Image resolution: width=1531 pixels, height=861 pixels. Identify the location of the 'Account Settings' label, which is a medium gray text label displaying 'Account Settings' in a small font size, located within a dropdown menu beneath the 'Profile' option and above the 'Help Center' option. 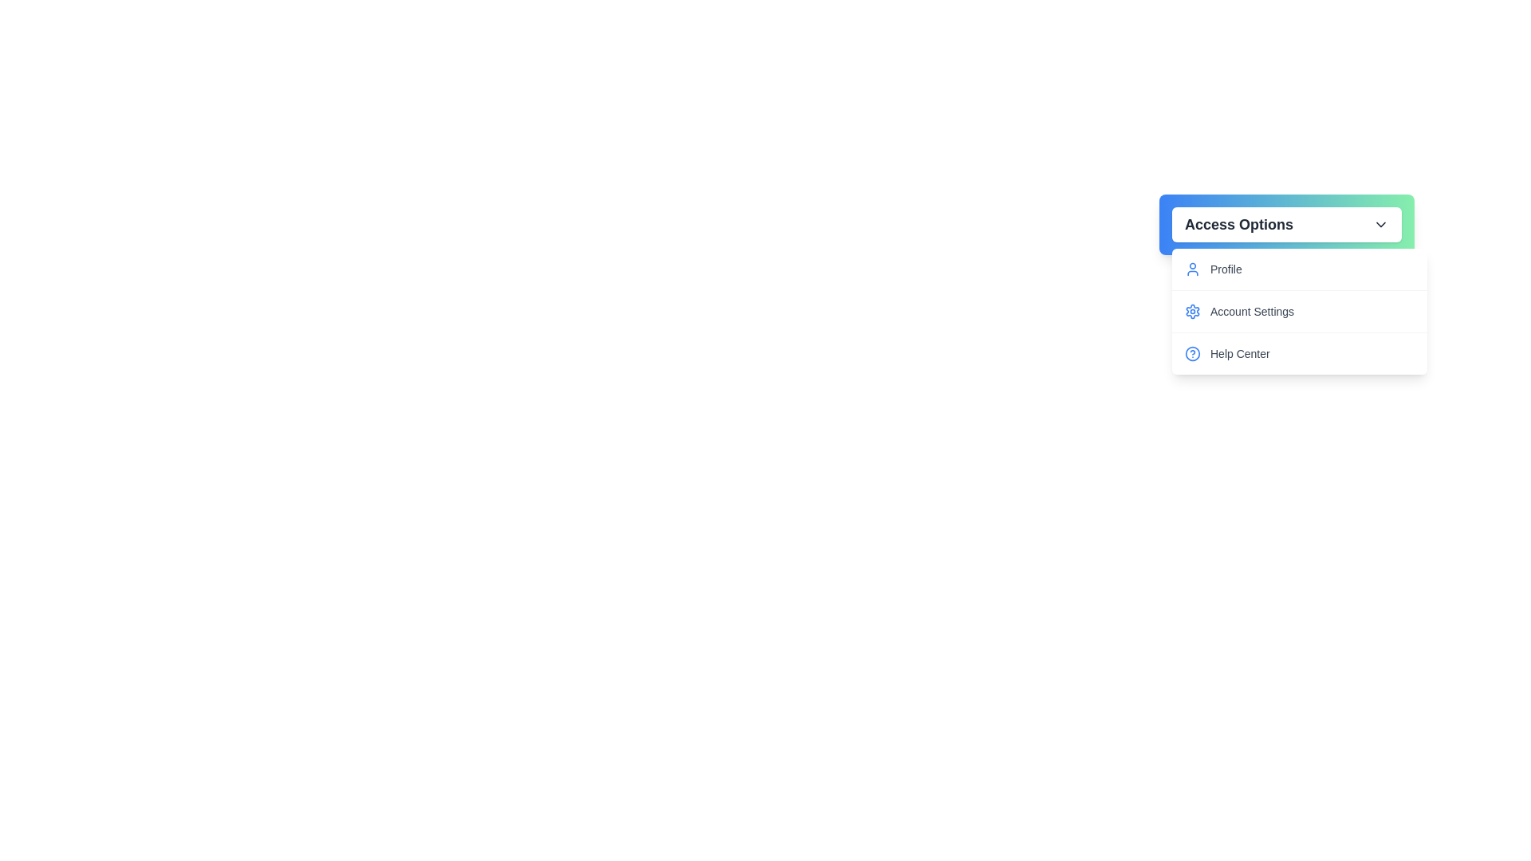
(1251, 311).